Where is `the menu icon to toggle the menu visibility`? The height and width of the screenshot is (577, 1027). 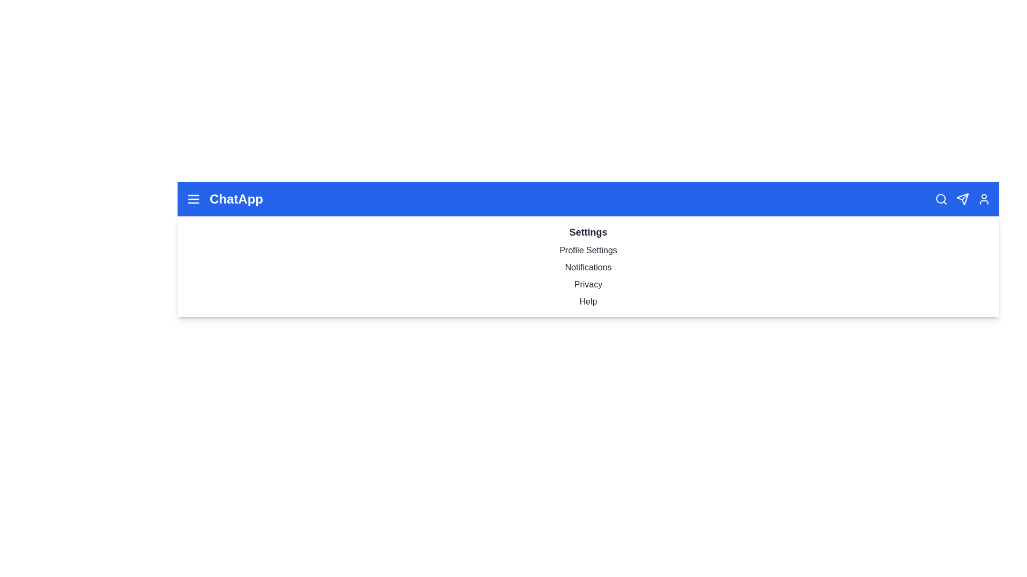
the menu icon to toggle the menu visibility is located at coordinates (193, 199).